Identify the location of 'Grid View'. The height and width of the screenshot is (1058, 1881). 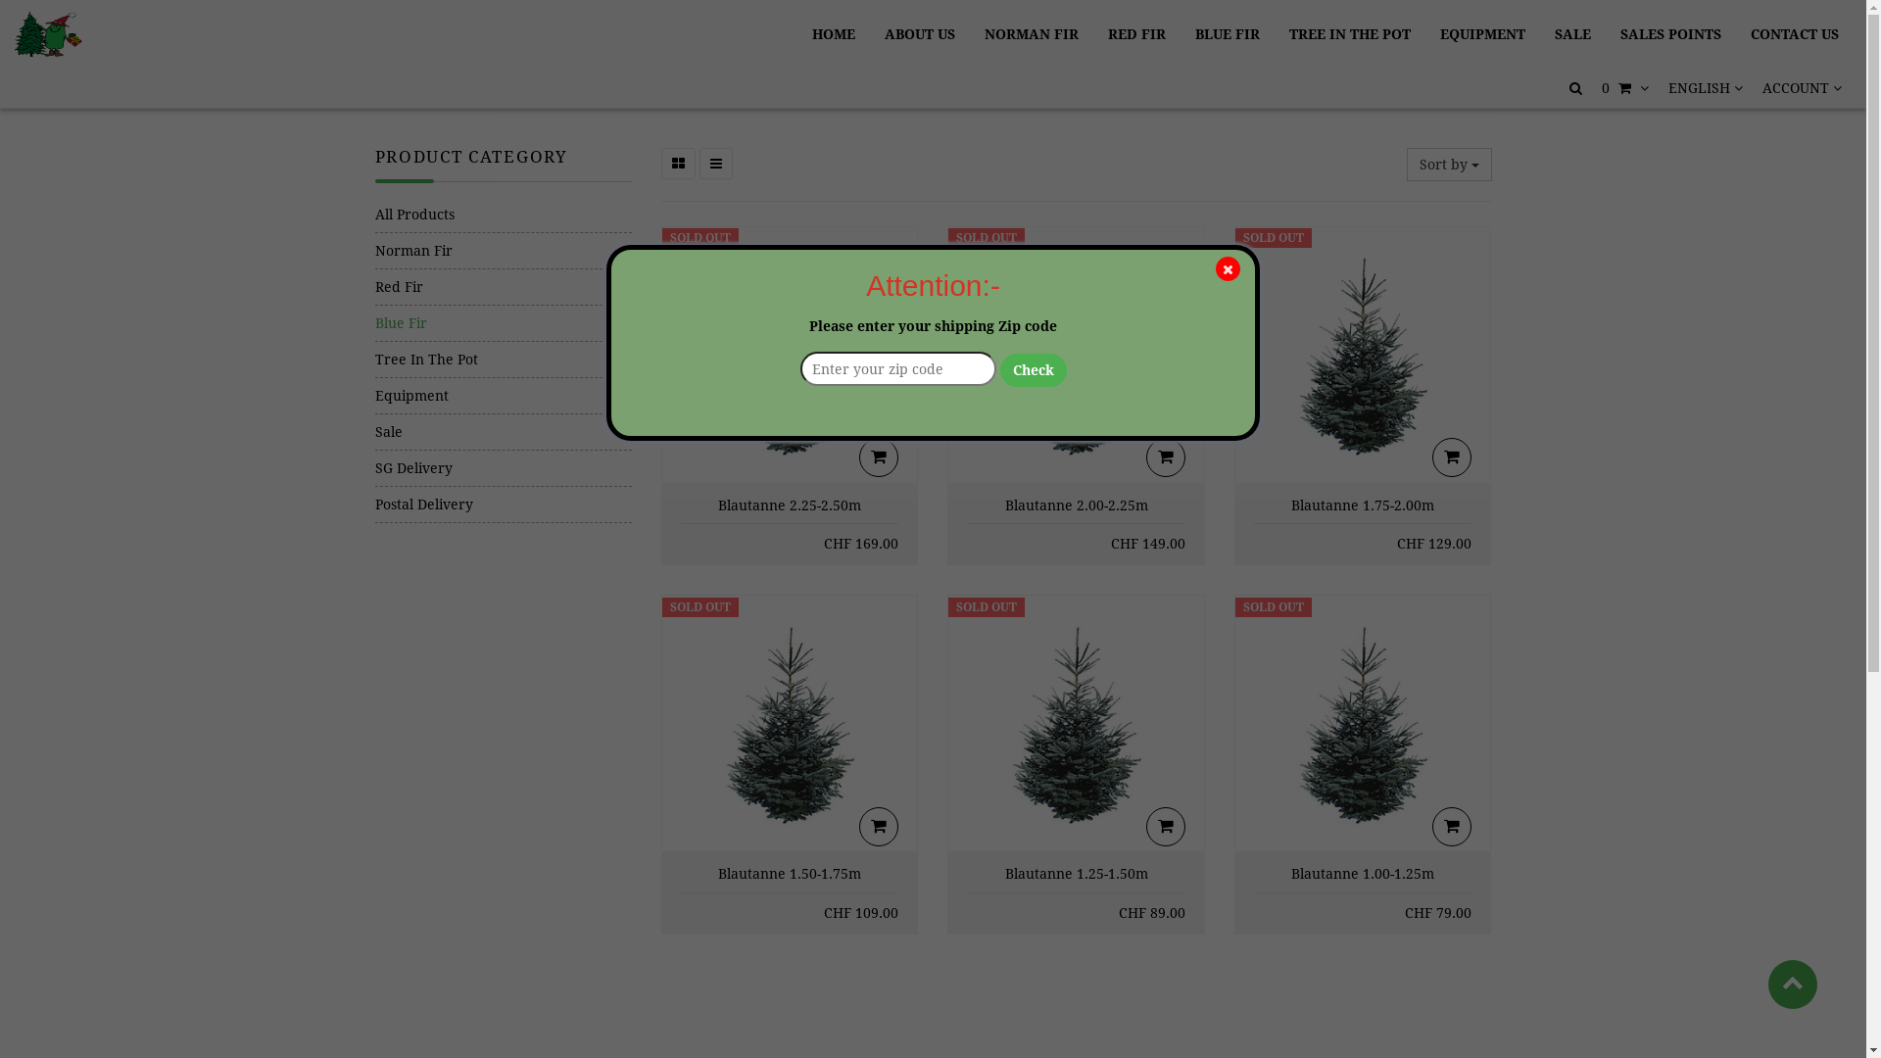
(678, 162).